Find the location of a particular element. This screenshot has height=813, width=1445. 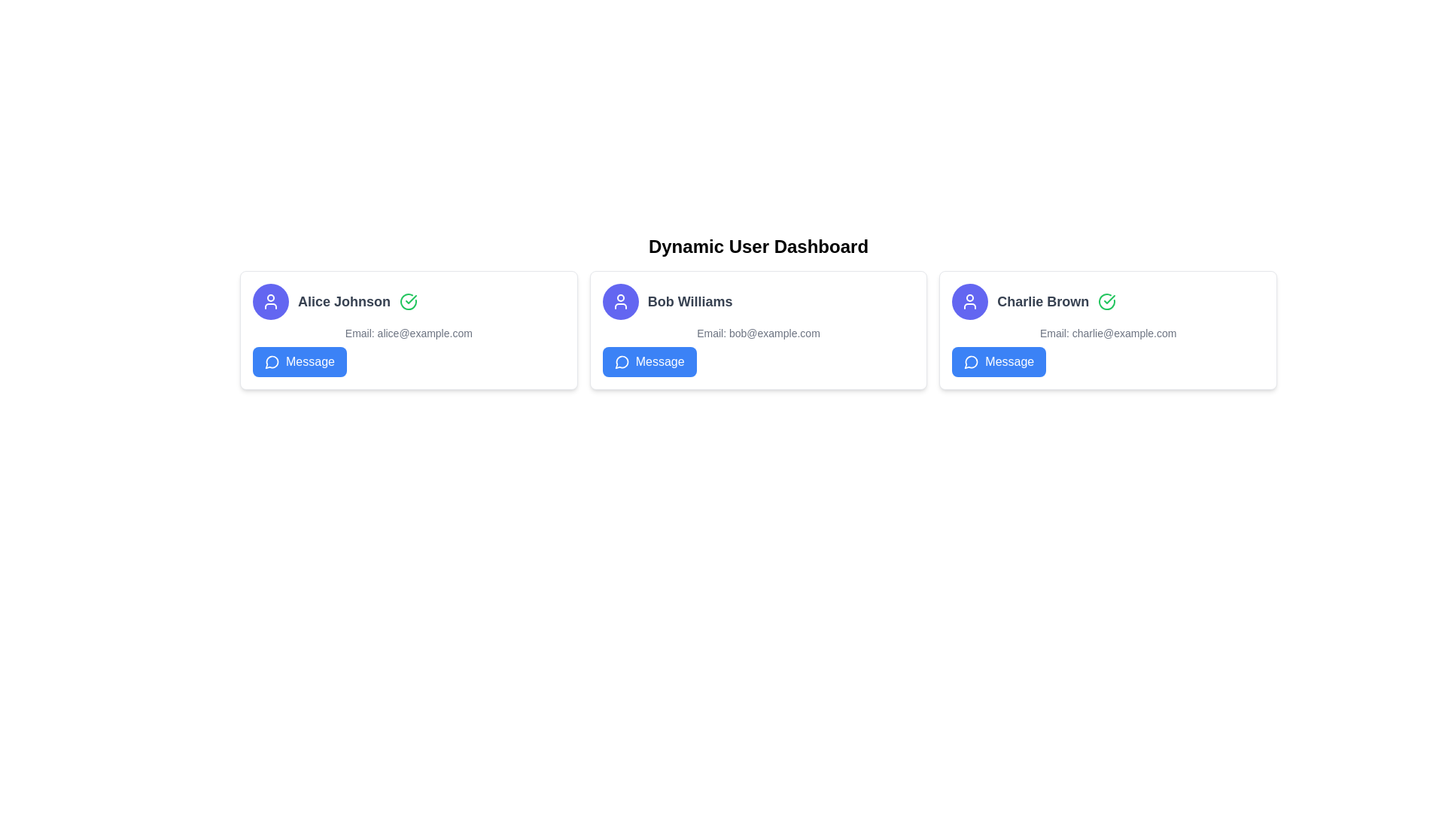

the interactive button for initiating a messaging action related to Charlie Brown, located at the bottom center of Charlie Brown's user card is located at coordinates (999, 362).